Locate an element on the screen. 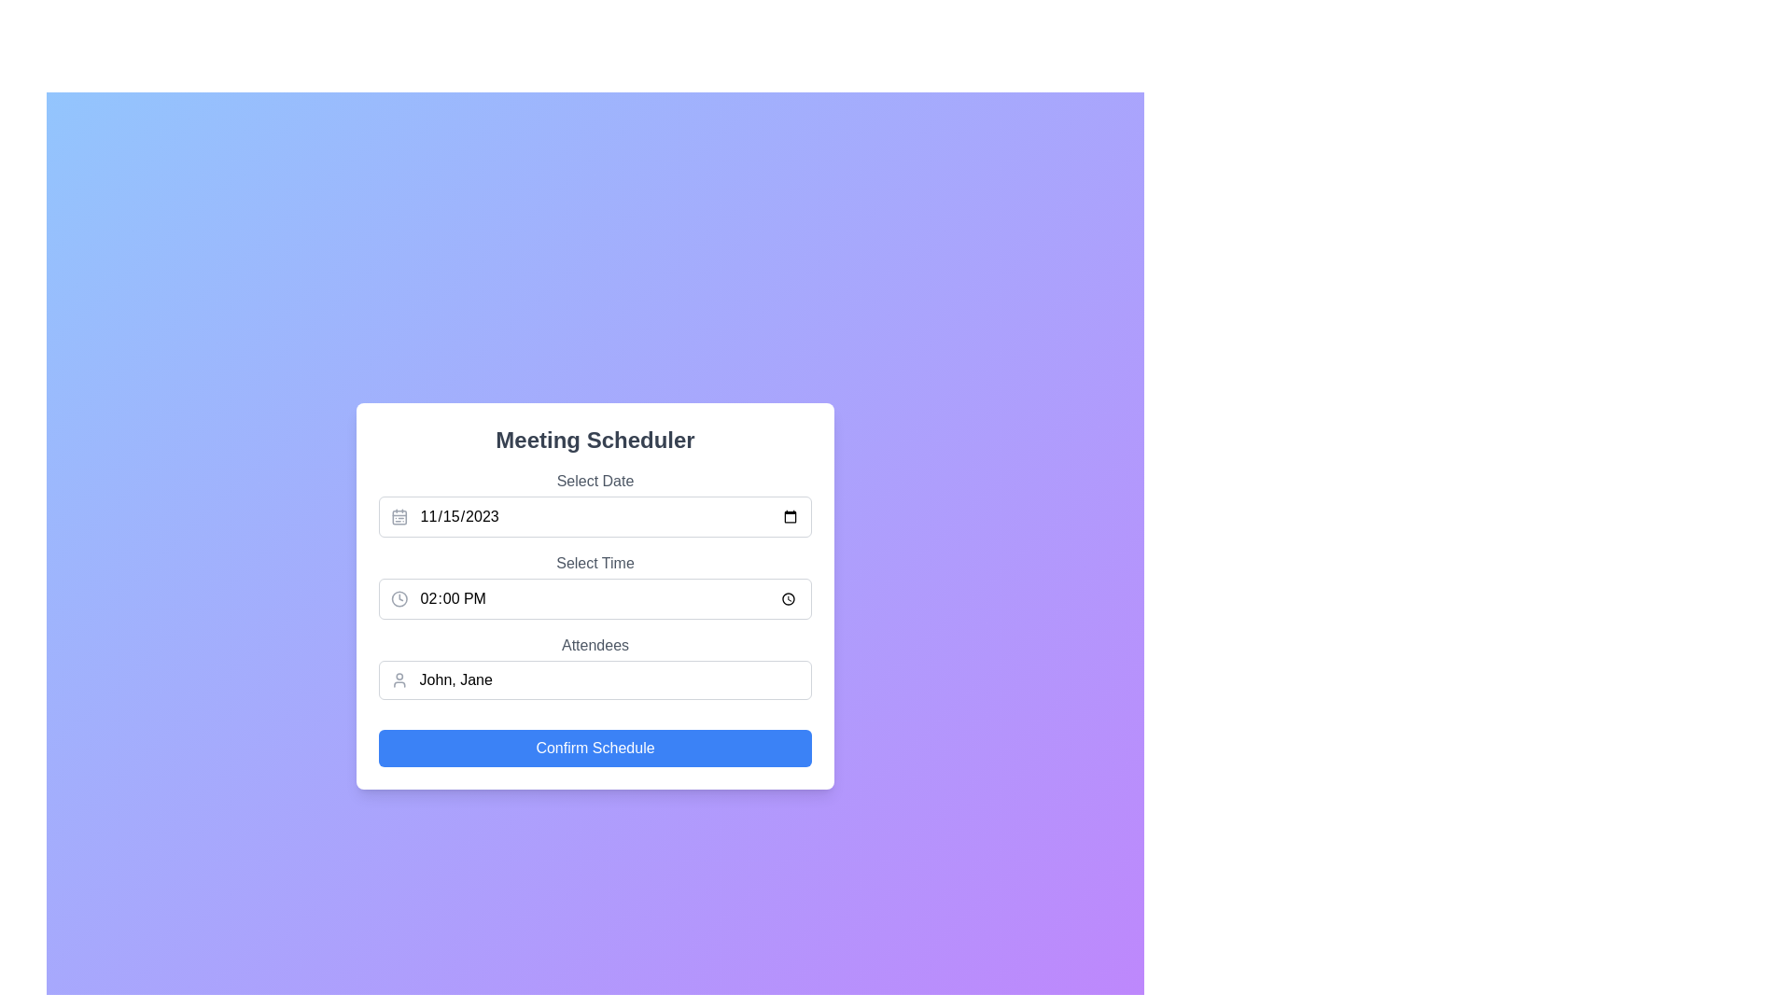 The height and width of the screenshot is (1008, 1792). the decorative graphical element within the central rectangular part of the calendar icon is located at coordinates (399, 517).